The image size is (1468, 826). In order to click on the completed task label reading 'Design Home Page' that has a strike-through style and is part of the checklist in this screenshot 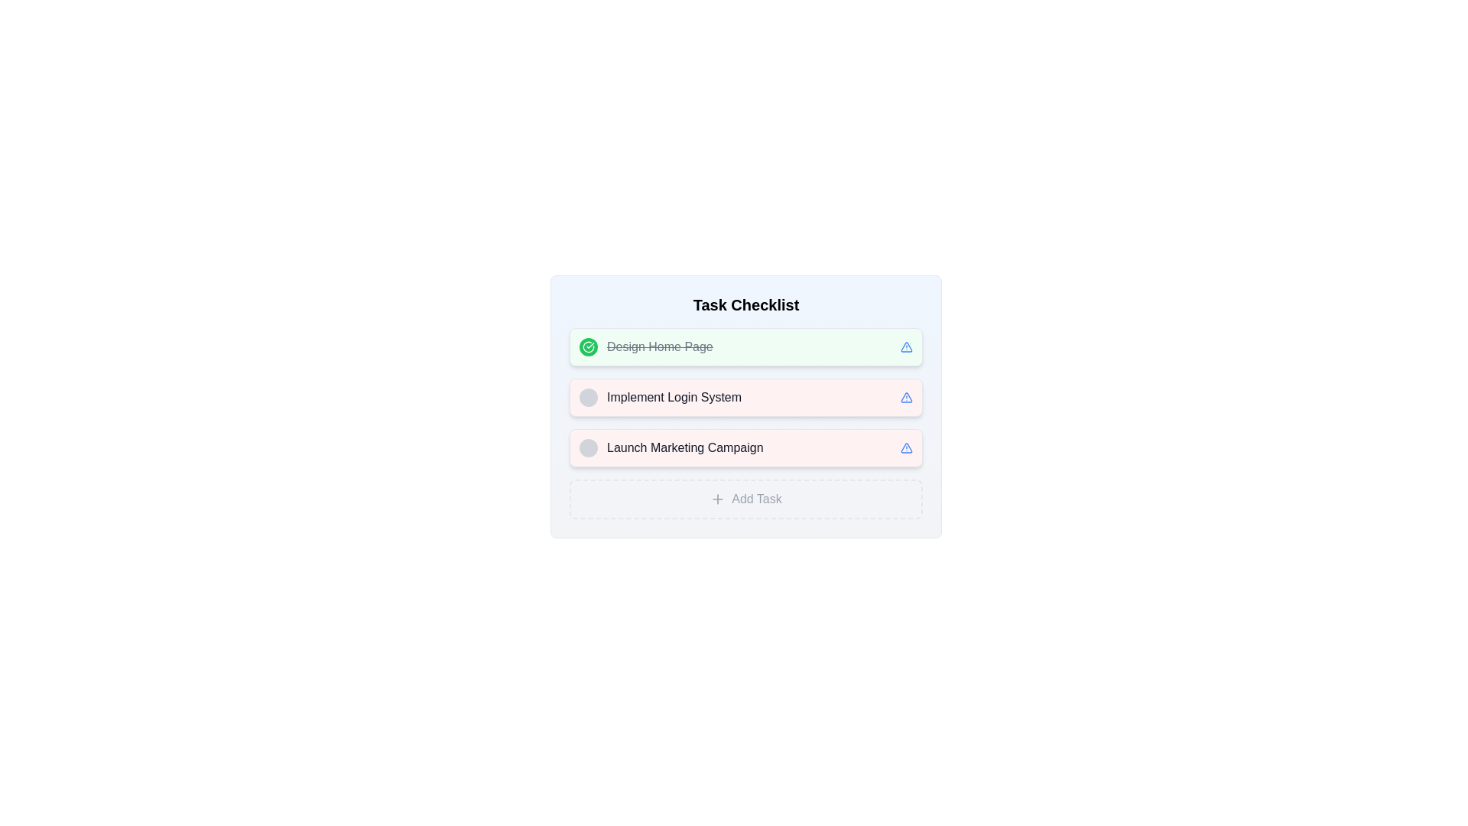, I will do `click(646, 347)`.